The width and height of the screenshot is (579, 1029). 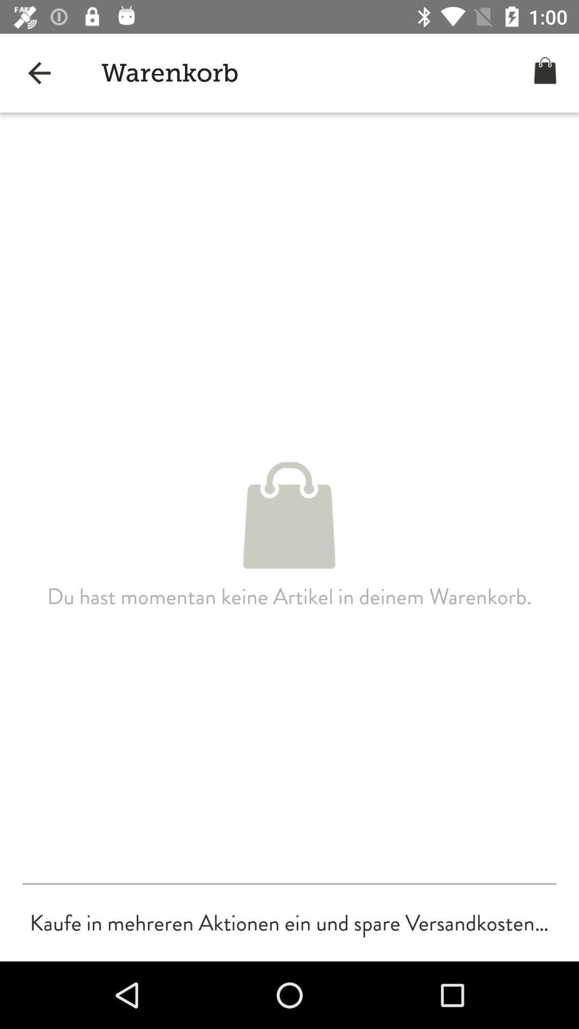 I want to click on the icon above du hast momentan, so click(x=39, y=72).